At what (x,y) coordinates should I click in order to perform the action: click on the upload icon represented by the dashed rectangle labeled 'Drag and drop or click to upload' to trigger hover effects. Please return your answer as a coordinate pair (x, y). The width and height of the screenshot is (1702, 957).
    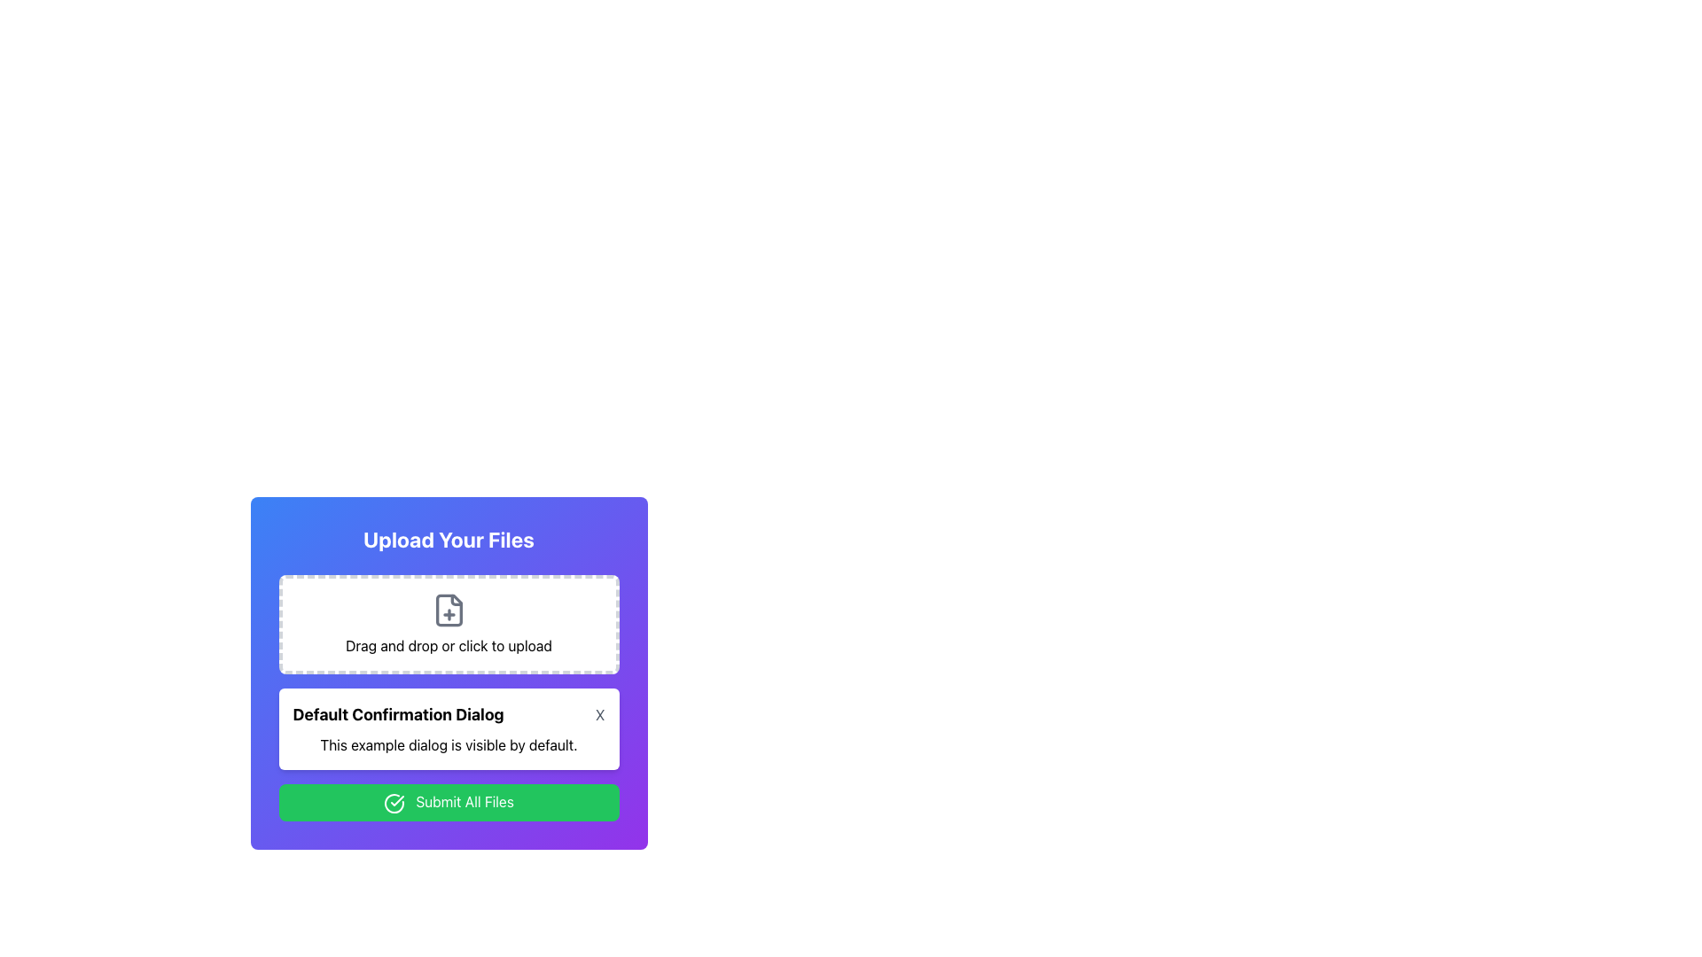
    Looking at the image, I should click on (449, 610).